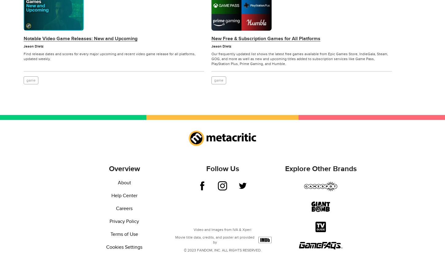 The height and width of the screenshot is (276, 445). I want to click on 'Terms of Use', so click(124, 234).